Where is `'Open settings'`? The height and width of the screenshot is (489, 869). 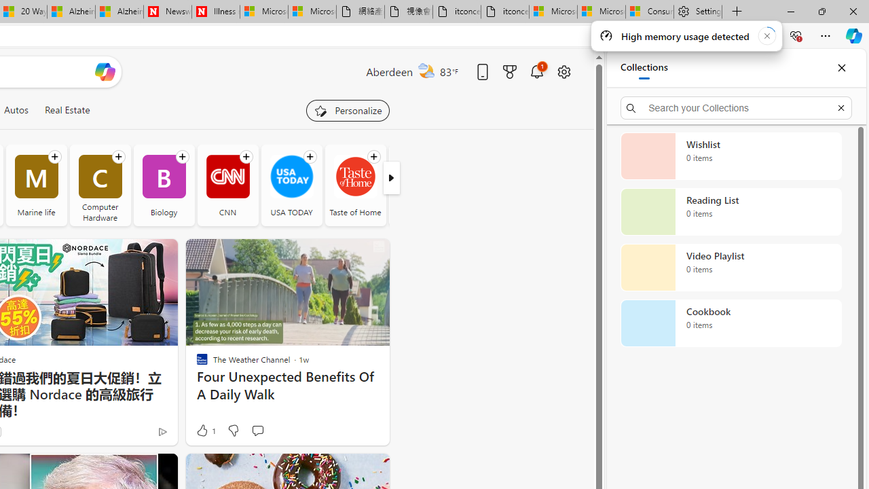 'Open settings' is located at coordinates (563, 71).